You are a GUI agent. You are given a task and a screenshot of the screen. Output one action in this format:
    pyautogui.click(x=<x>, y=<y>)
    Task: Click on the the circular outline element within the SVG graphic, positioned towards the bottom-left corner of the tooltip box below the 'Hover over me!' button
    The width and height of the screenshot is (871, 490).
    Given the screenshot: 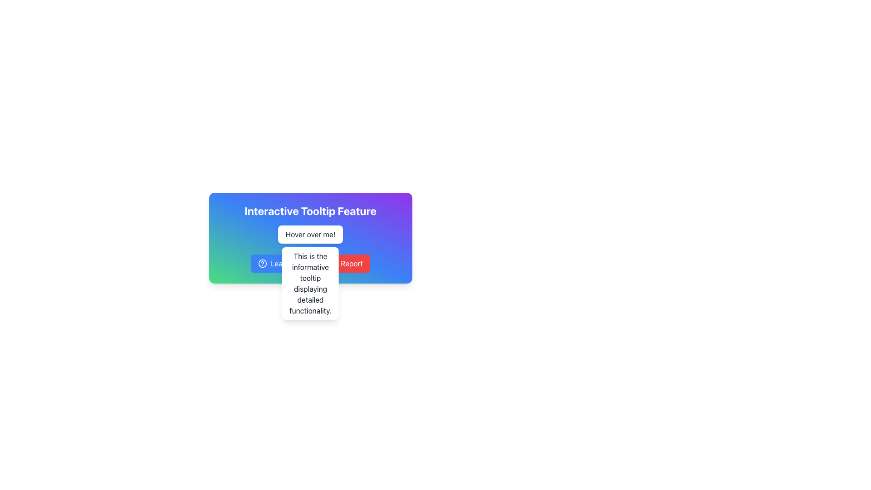 What is the action you would take?
    pyautogui.click(x=332, y=264)
    